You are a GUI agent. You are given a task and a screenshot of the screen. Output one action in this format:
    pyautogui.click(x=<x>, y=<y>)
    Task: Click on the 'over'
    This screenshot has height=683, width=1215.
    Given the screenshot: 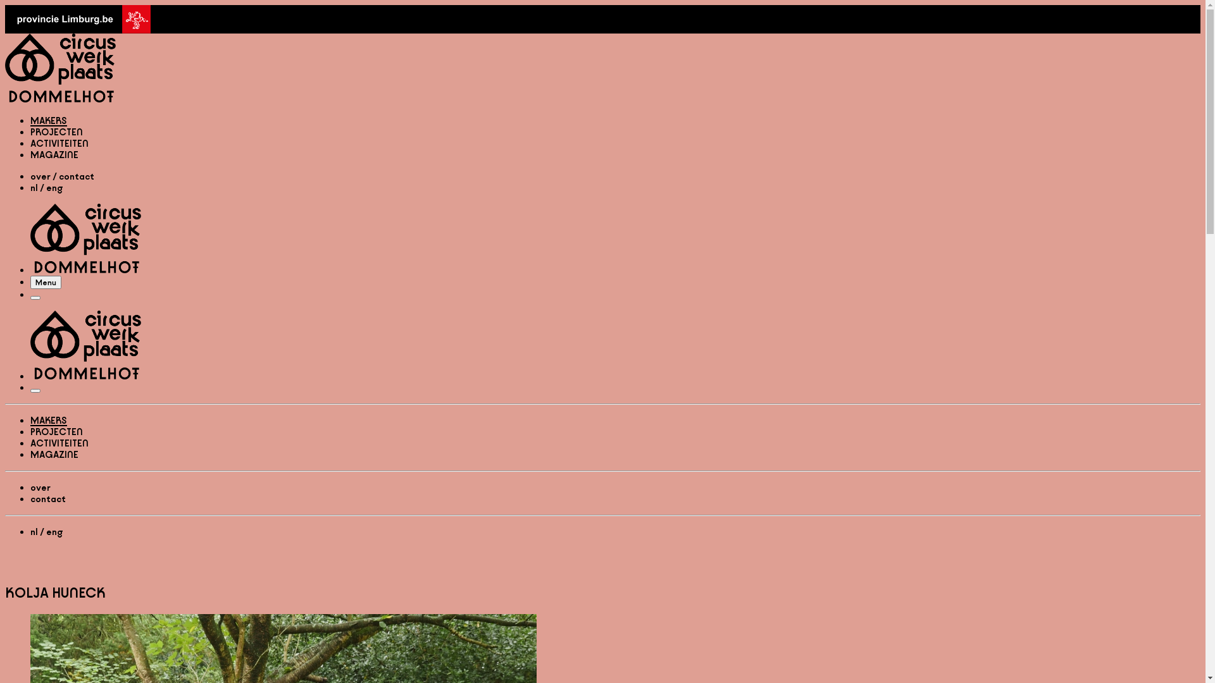 What is the action you would take?
    pyautogui.click(x=40, y=486)
    